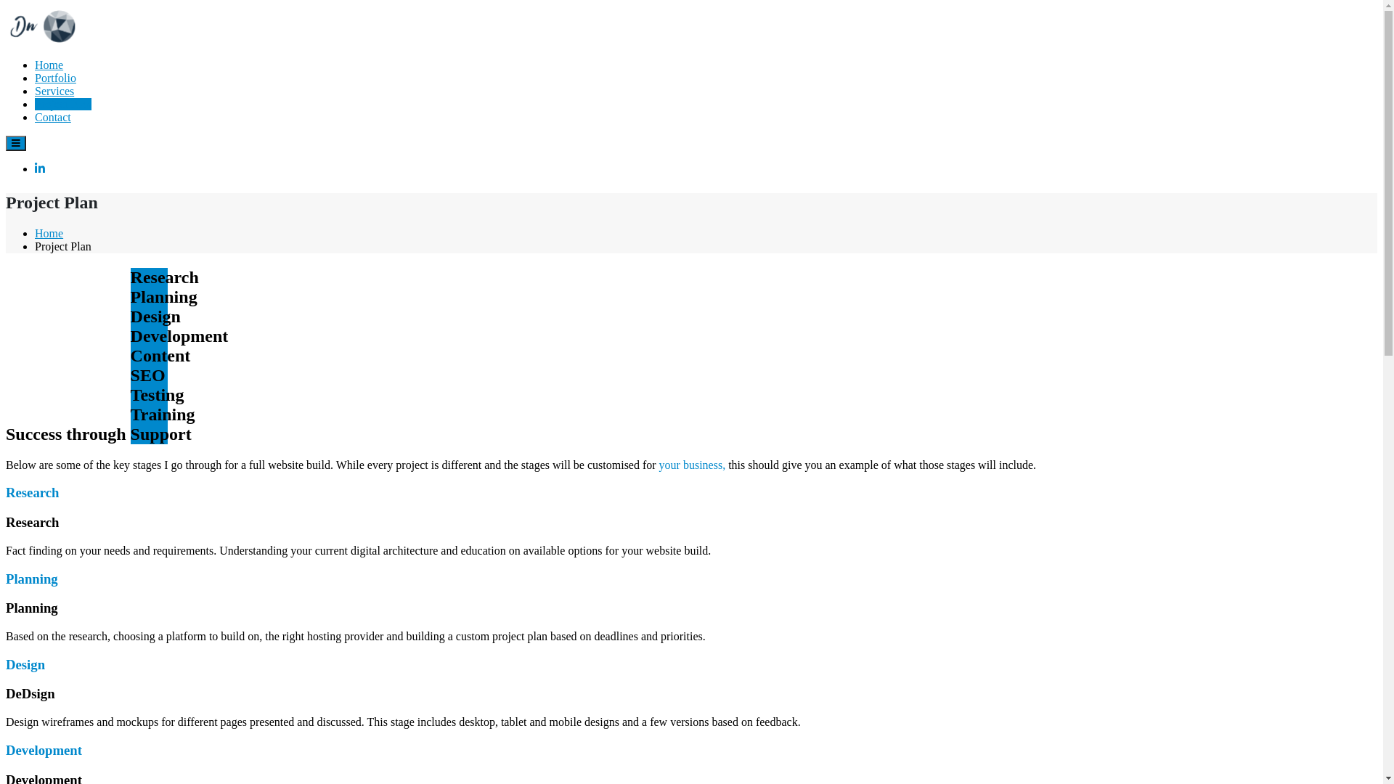  What do you see at coordinates (35, 168) in the screenshot?
I see `'Linkedin'` at bounding box center [35, 168].